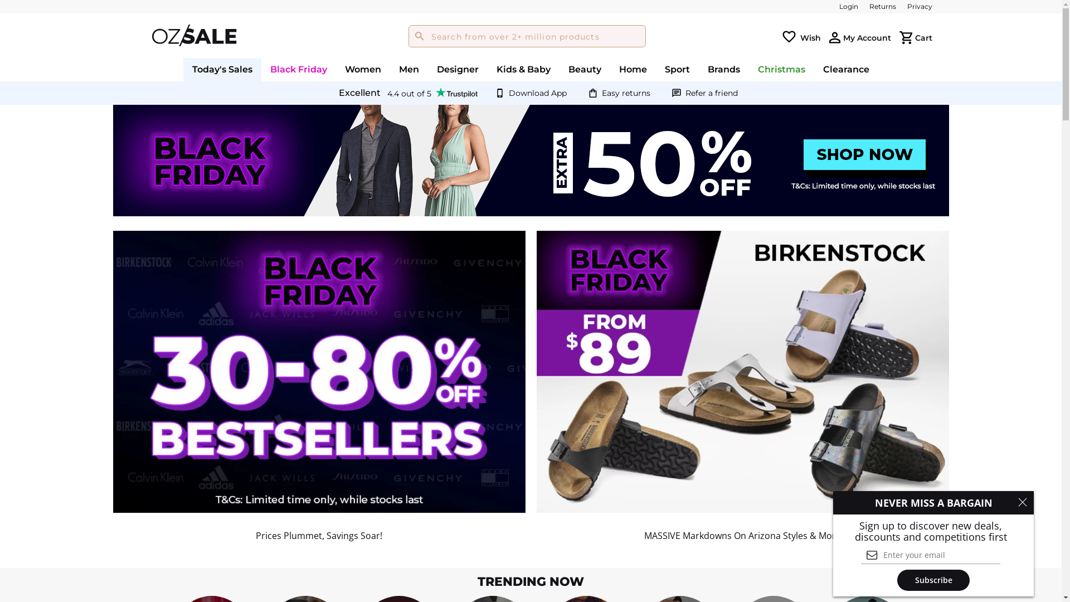 This screenshot has height=602, width=1070. What do you see at coordinates (626, 93) in the screenshot?
I see `'Easy returns'` at bounding box center [626, 93].